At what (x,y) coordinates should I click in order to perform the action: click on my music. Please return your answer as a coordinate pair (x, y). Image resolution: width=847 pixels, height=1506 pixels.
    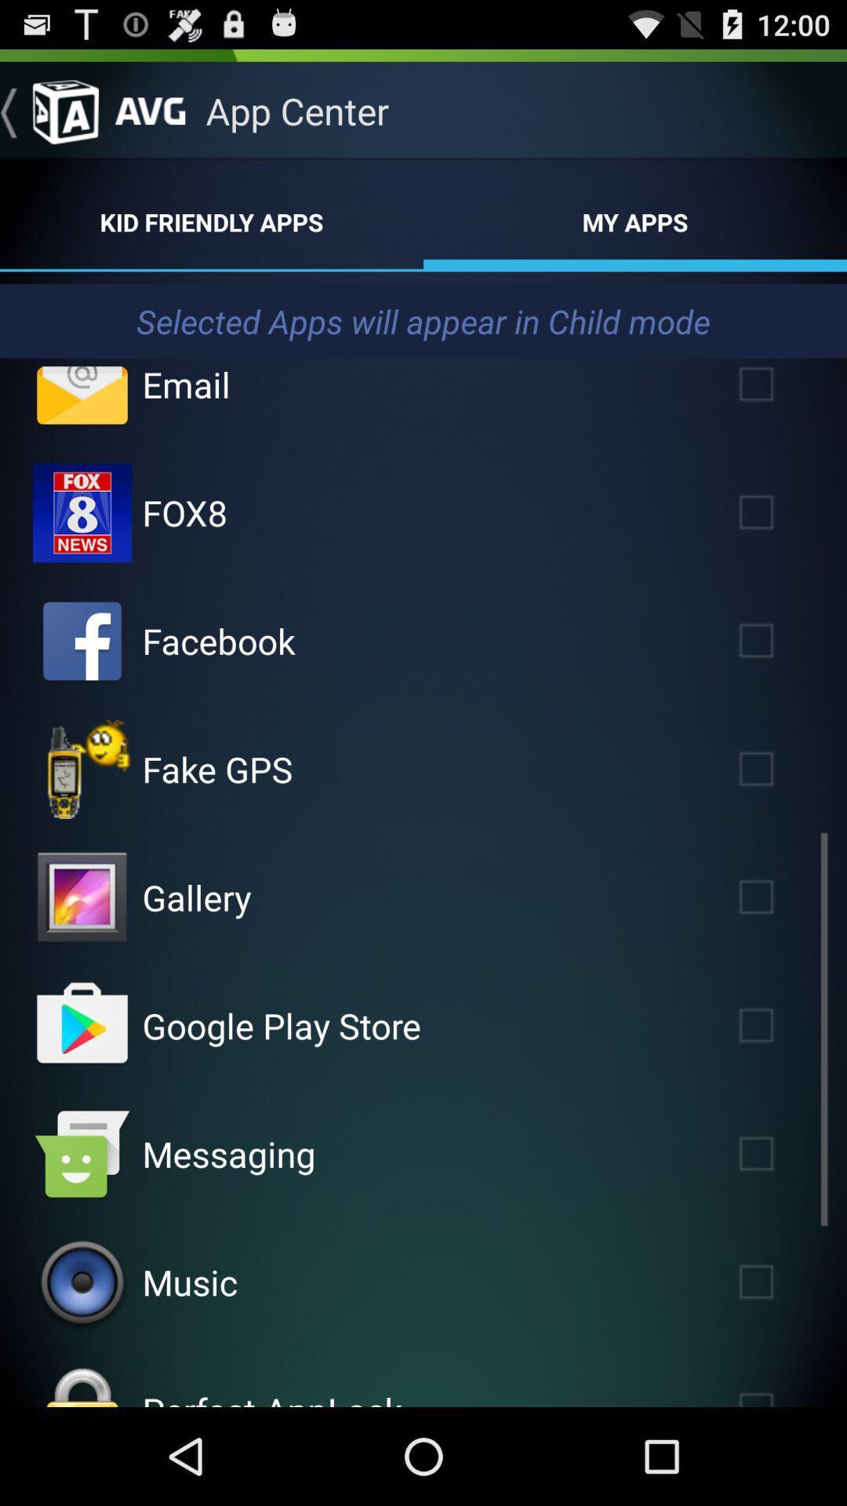
    Looking at the image, I should click on (82, 1282).